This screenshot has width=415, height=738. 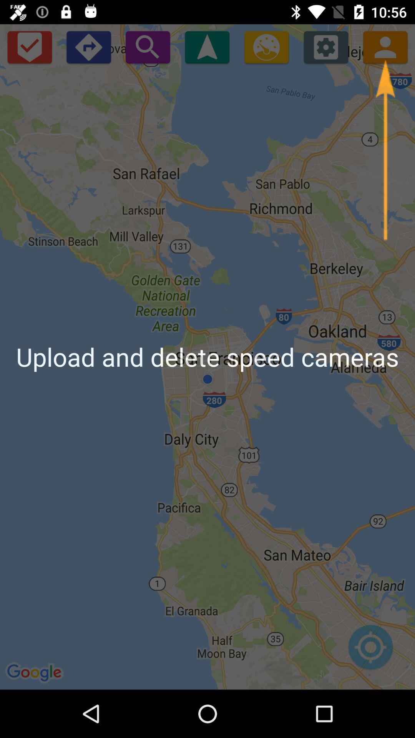 I want to click on open account tab, so click(x=385, y=47).